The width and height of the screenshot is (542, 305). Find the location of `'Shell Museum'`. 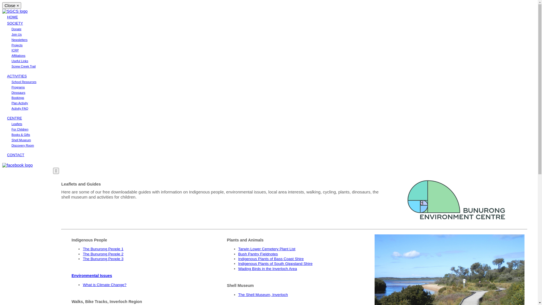

'Shell Museum' is located at coordinates (21, 140).